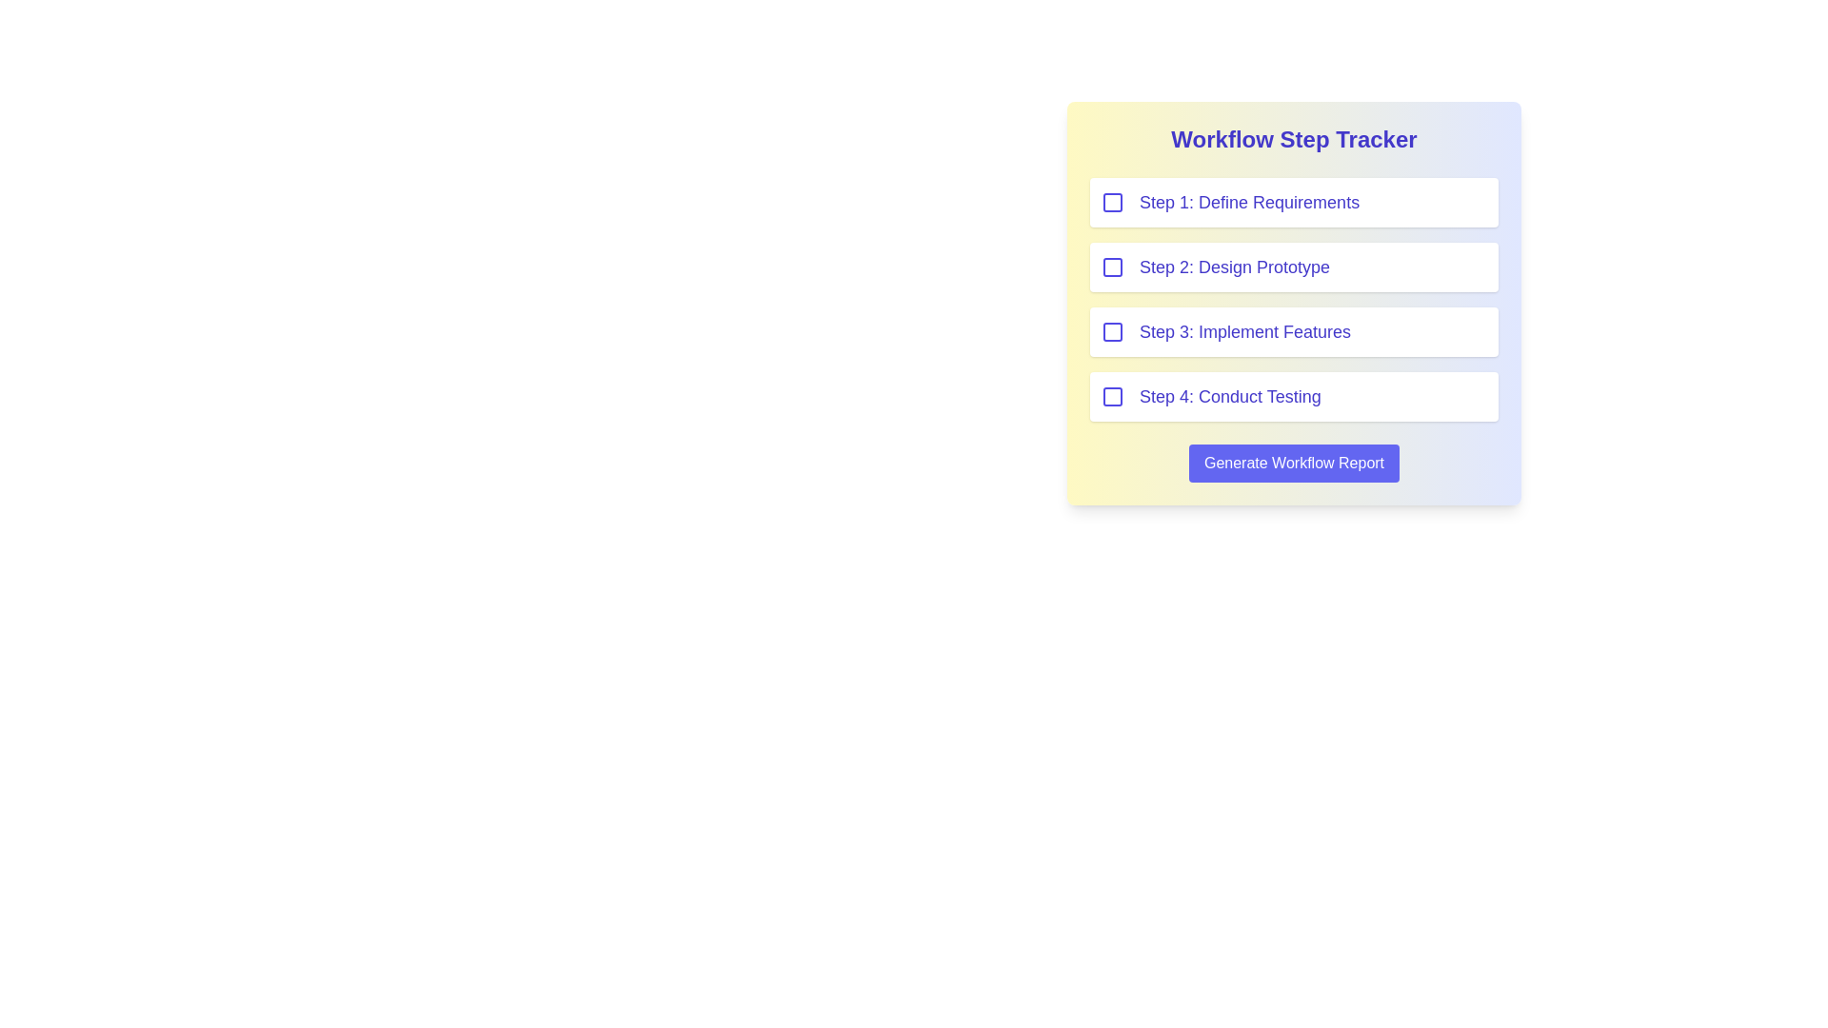 The width and height of the screenshot is (1828, 1028). What do you see at coordinates (1245, 330) in the screenshot?
I see `the text label that displays 'Step 3: Implement Features', which is the third step in a vertical list of workflow steps` at bounding box center [1245, 330].